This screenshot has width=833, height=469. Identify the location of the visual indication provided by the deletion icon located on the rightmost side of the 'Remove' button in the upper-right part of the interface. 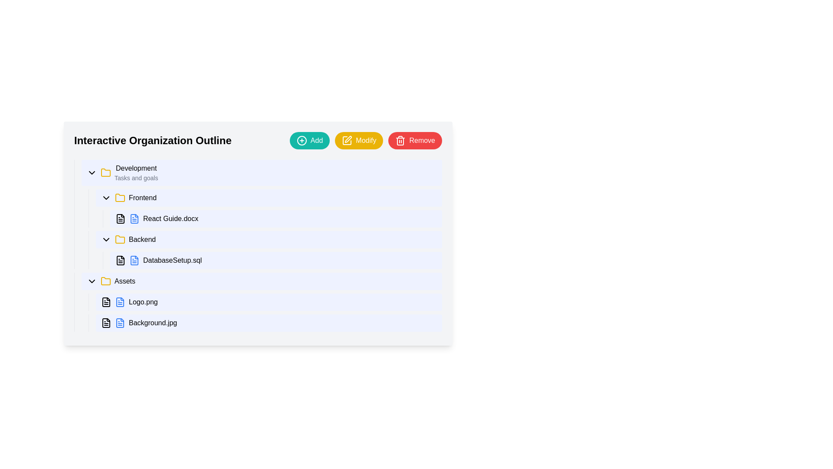
(400, 140).